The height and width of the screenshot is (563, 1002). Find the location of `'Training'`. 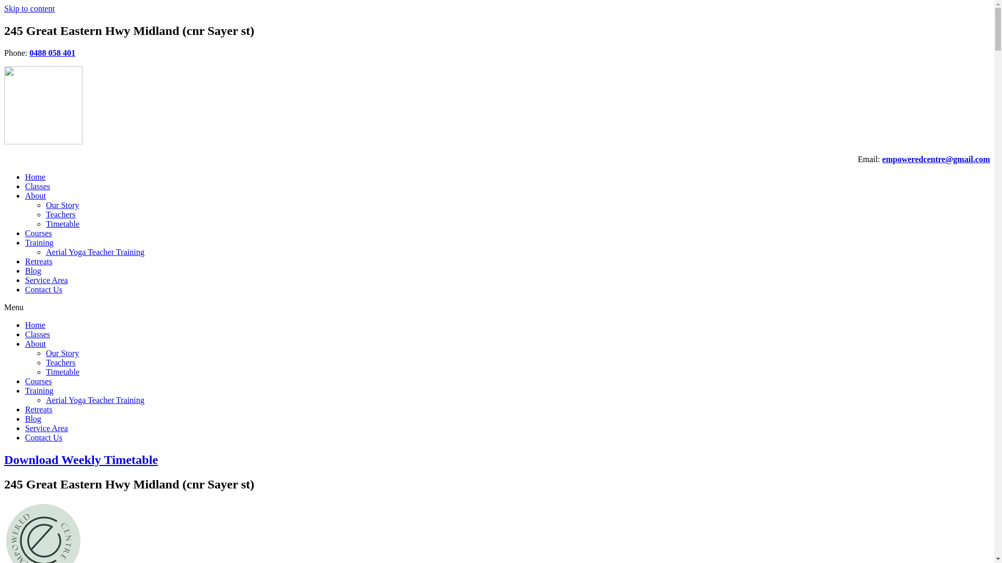

'Training' is located at coordinates (39, 242).